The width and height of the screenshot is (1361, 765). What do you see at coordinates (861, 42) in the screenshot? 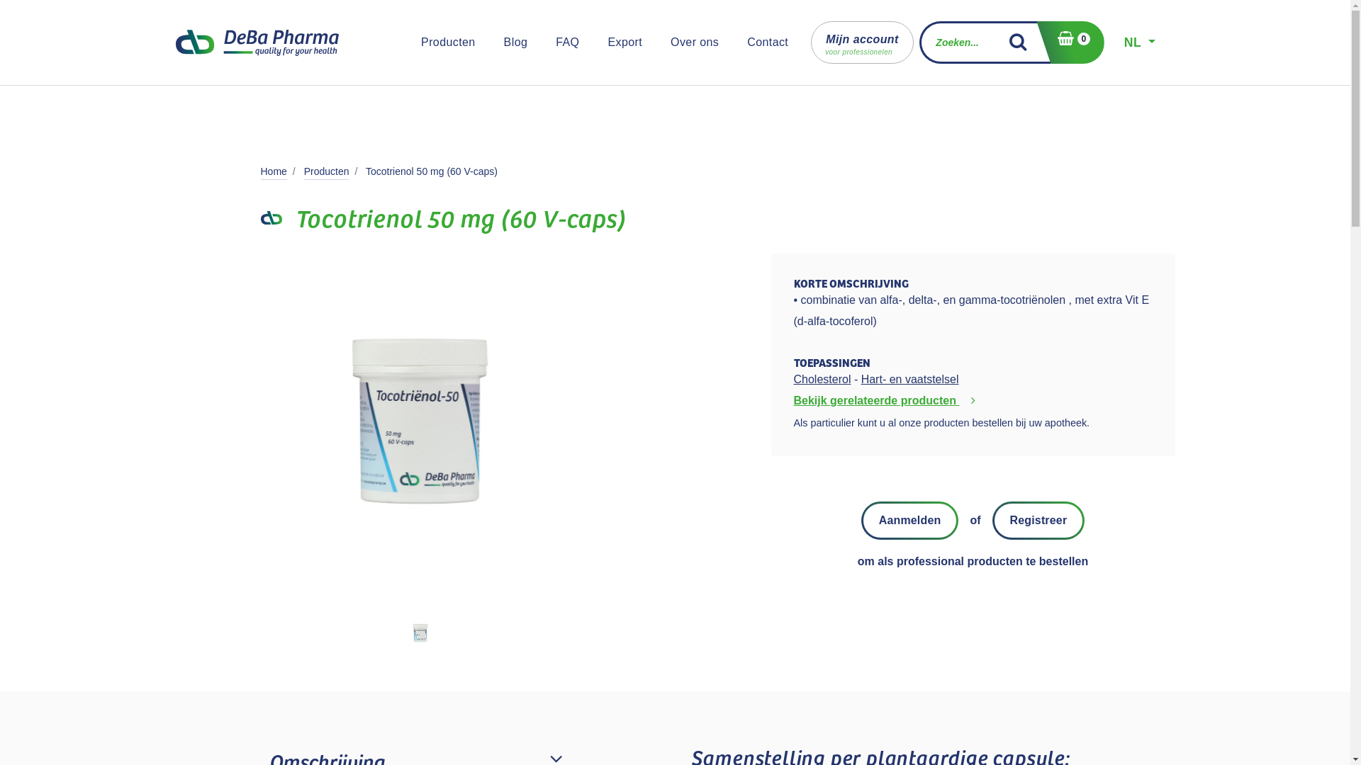
I see `'Mijn account` at bounding box center [861, 42].